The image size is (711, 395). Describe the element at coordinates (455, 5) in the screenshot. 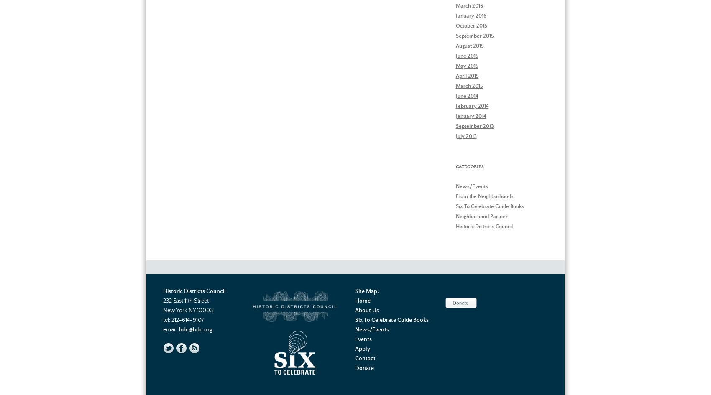

I see `'March 2016'` at that location.